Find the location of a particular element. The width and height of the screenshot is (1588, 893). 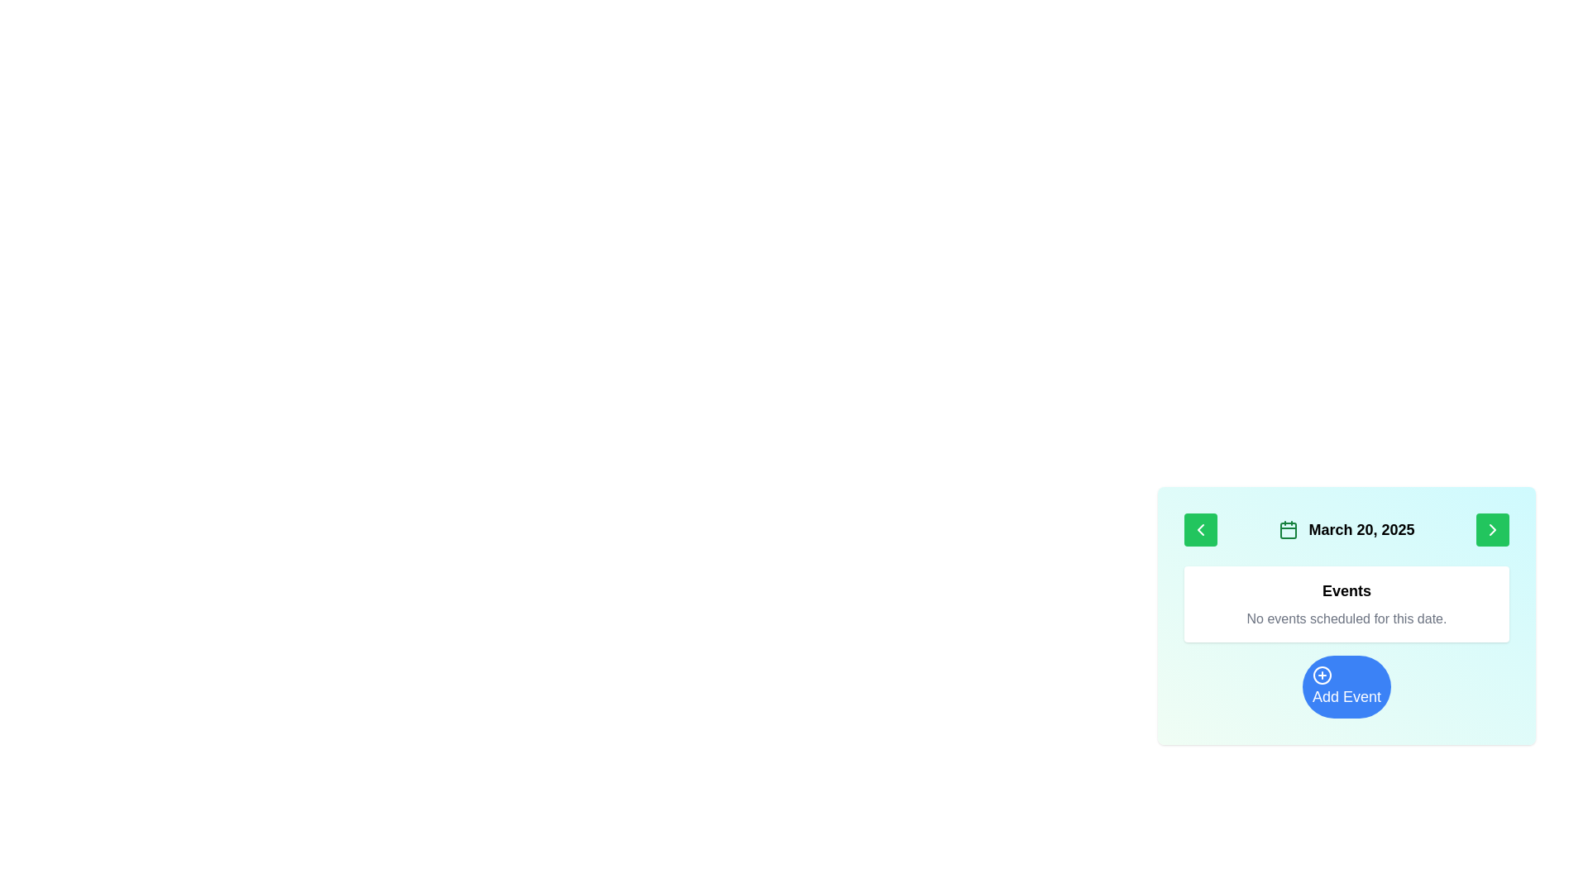

the green rectangular button with a left-facing arrow icon is located at coordinates (1200, 529).